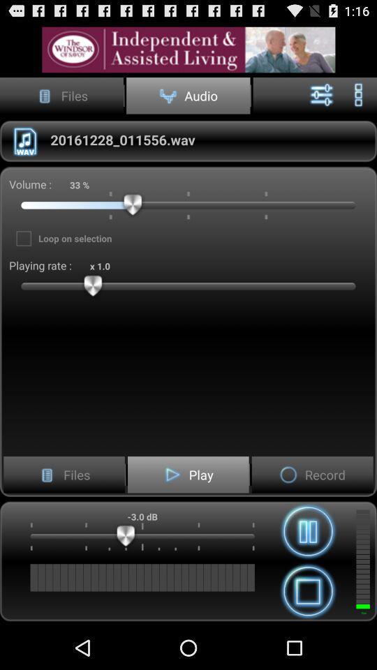 Image resolution: width=377 pixels, height=670 pixels. I want to click on see advertisement, so click(188, 50).